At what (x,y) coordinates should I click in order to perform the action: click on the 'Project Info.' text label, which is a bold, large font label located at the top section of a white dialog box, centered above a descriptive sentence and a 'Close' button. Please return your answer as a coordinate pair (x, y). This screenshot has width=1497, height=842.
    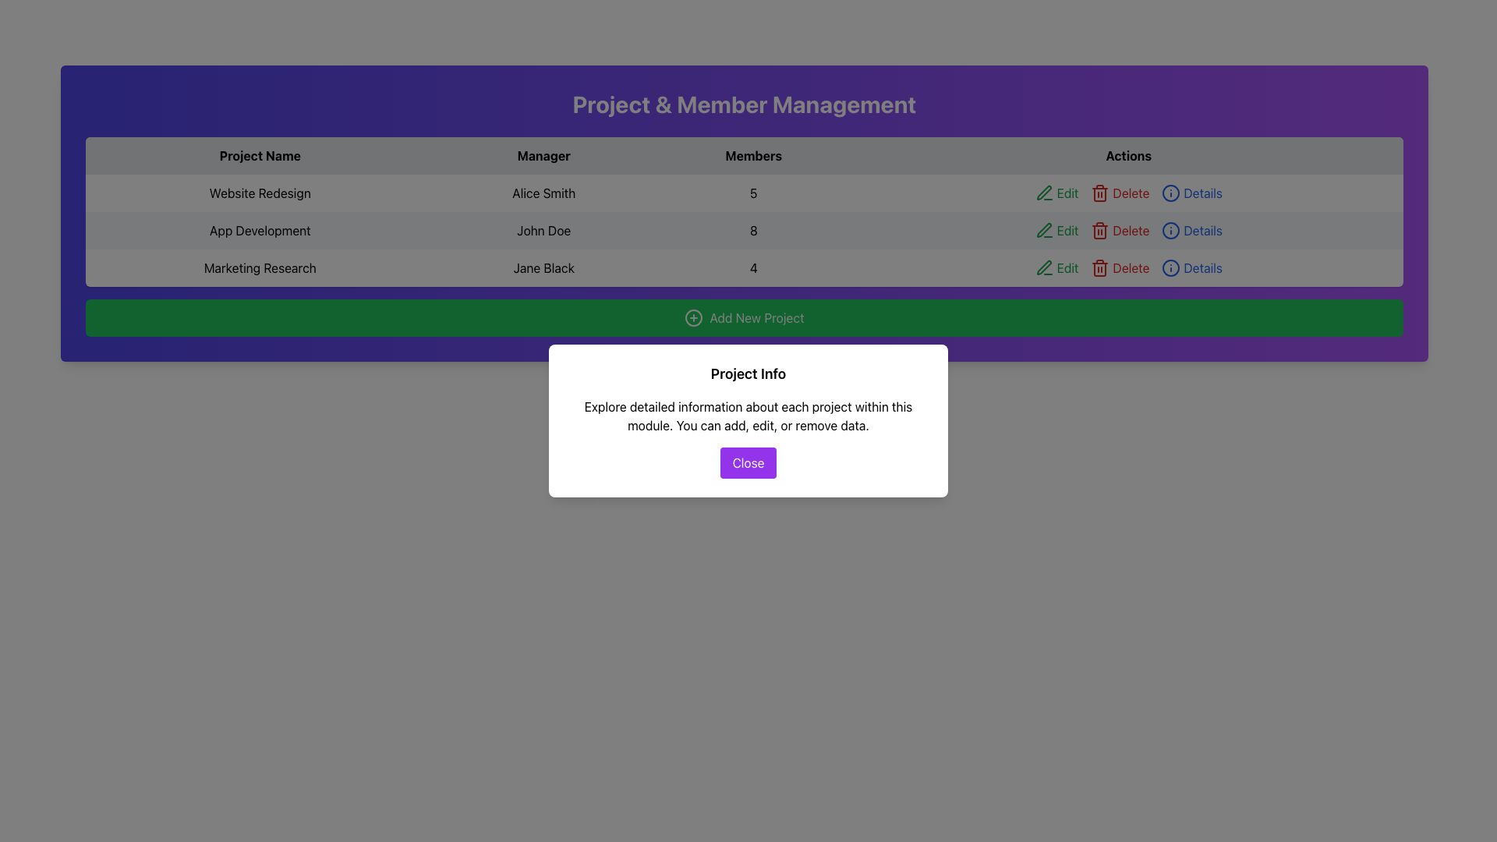
    Looking at the image, I should click on (748, 373).